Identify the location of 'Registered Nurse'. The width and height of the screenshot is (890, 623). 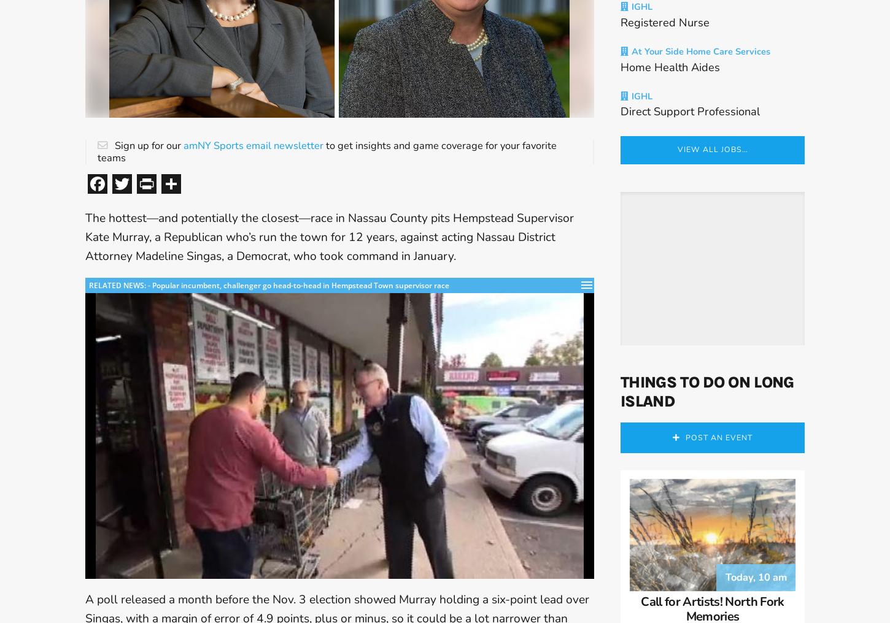
(665, 27).